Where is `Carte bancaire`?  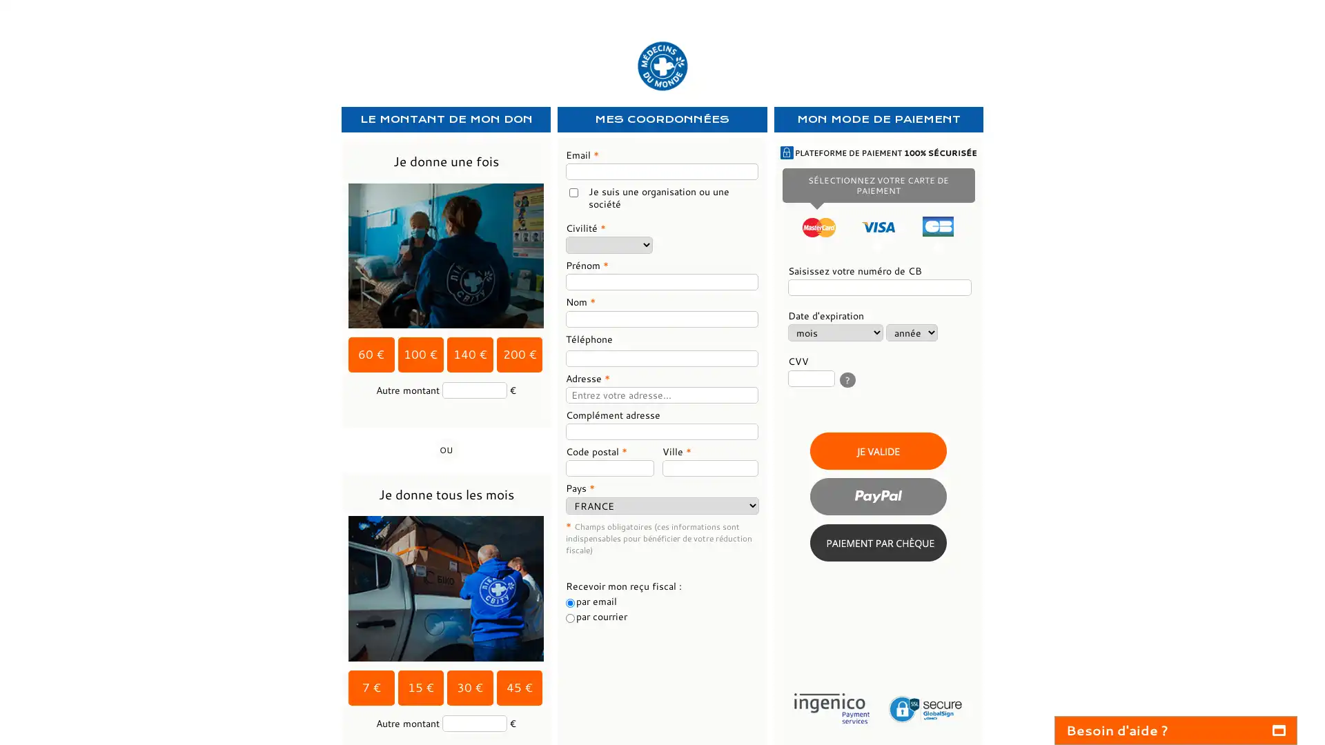 Carte bancaire is located at coordinates (877, 451).